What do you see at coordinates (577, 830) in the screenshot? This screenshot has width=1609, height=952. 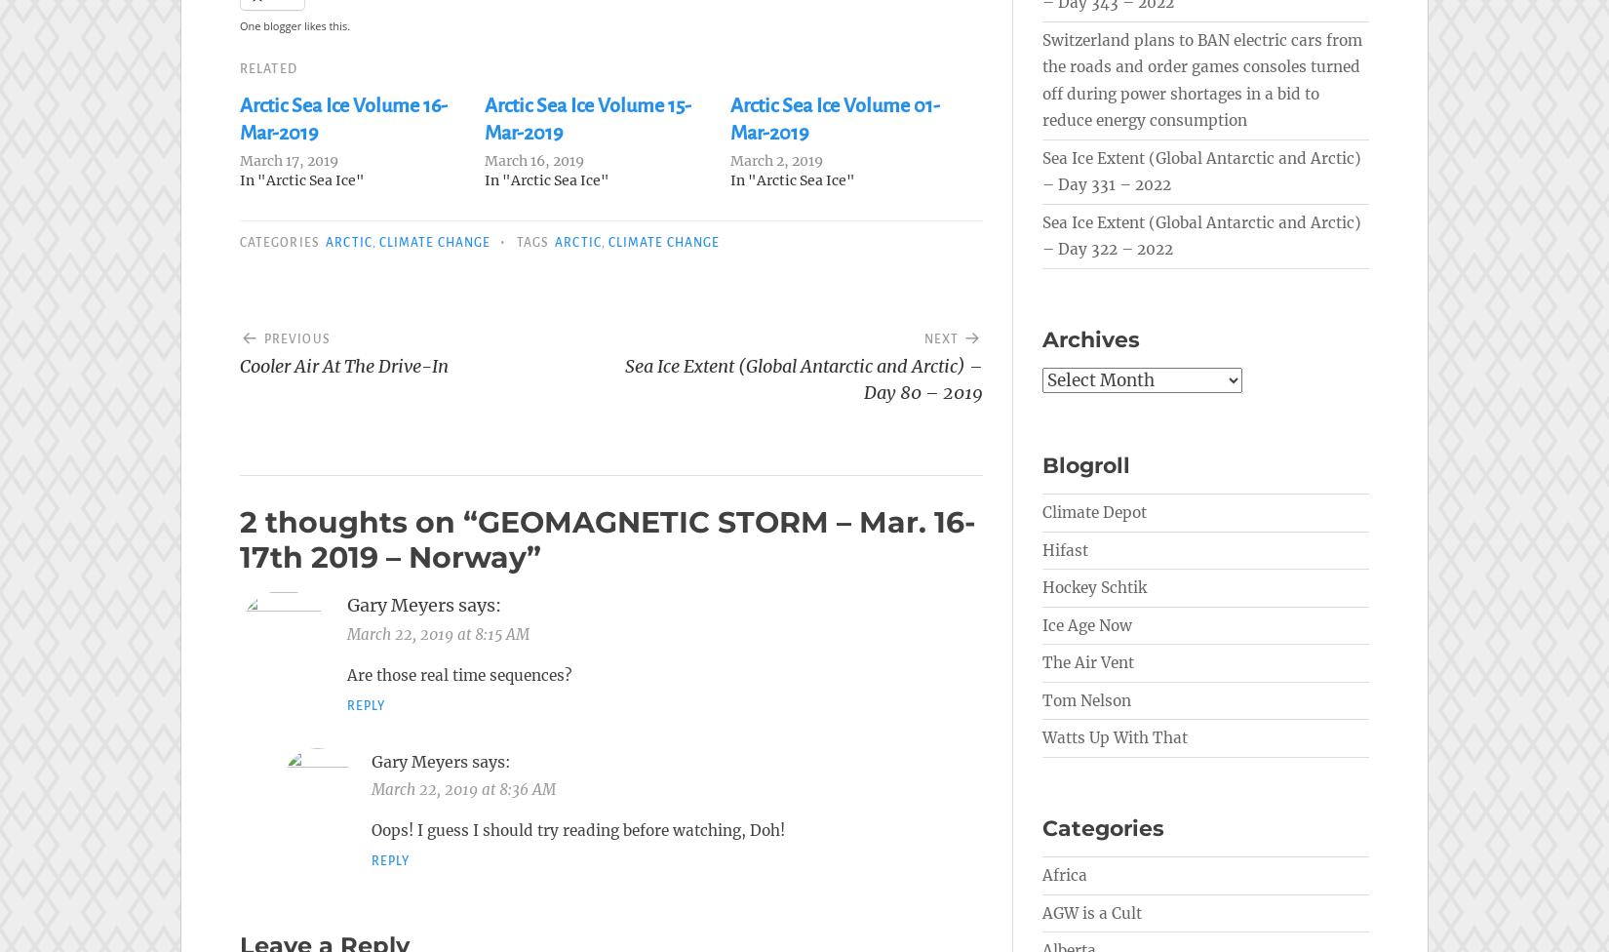 I see `'Oops!  I guess I should try reading before watching, Doh!'` at bounding box center [577, 830].